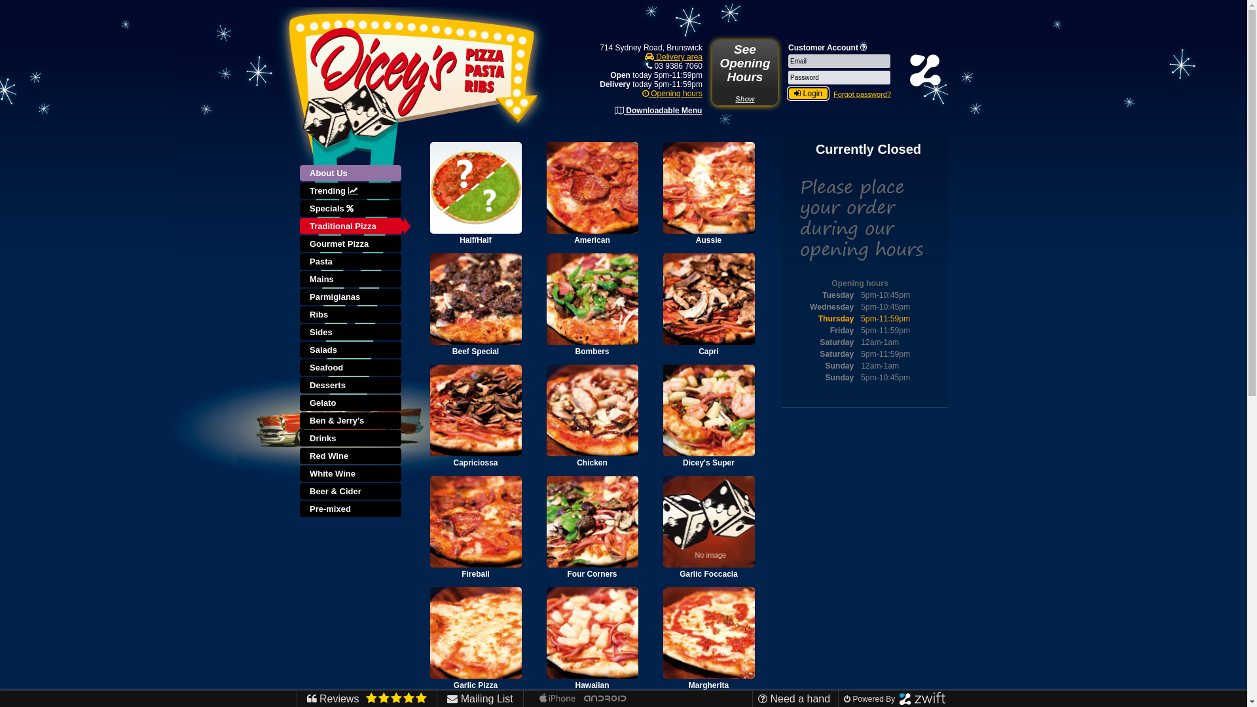 The image size is (1257, 707). I want to click on 'Downloadable Menu', so click(658, 110).